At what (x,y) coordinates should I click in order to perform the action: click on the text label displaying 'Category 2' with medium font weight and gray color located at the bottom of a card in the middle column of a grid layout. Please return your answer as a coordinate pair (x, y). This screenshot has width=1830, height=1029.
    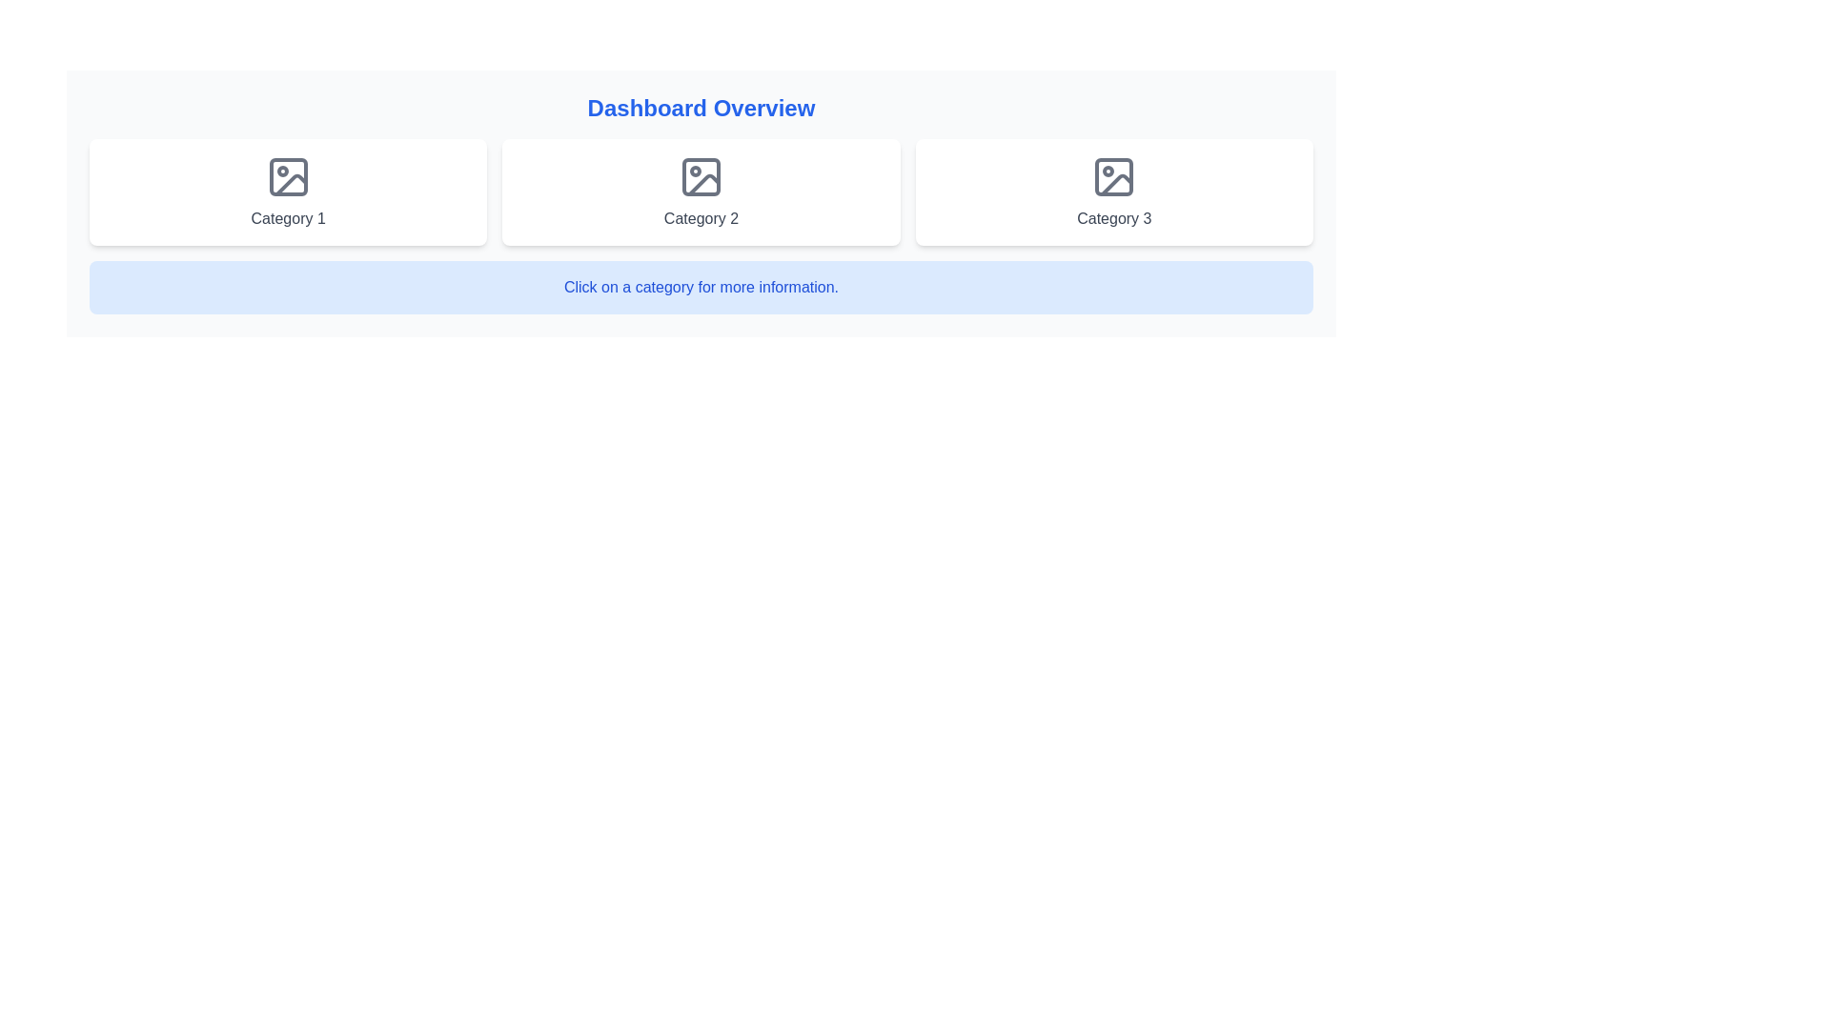
    Looking at the image, I should click on (700, 218).